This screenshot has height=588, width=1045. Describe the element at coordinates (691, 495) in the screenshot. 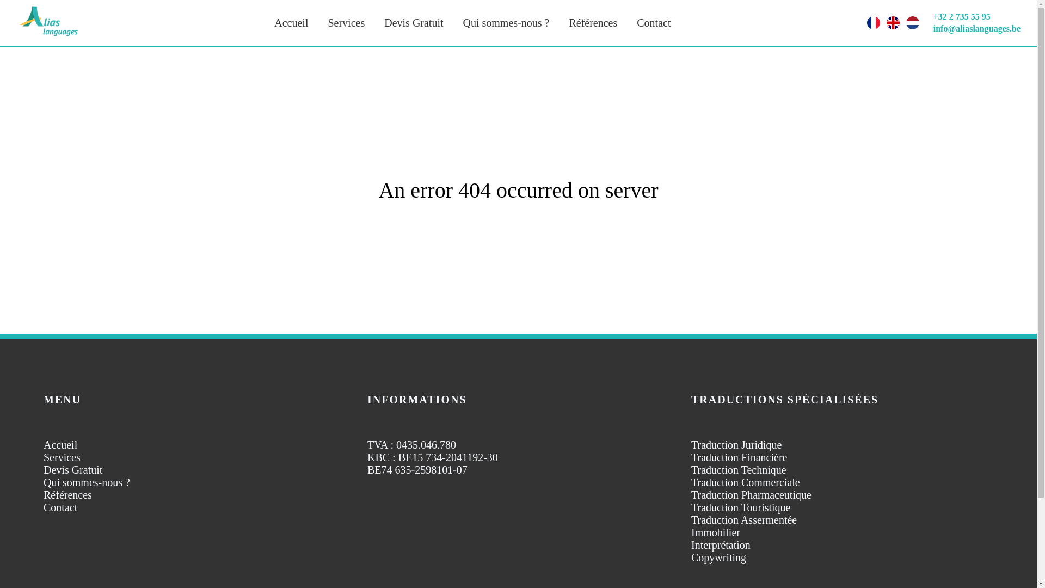

I see `'Traduction Pharmaceutique'` at that location.